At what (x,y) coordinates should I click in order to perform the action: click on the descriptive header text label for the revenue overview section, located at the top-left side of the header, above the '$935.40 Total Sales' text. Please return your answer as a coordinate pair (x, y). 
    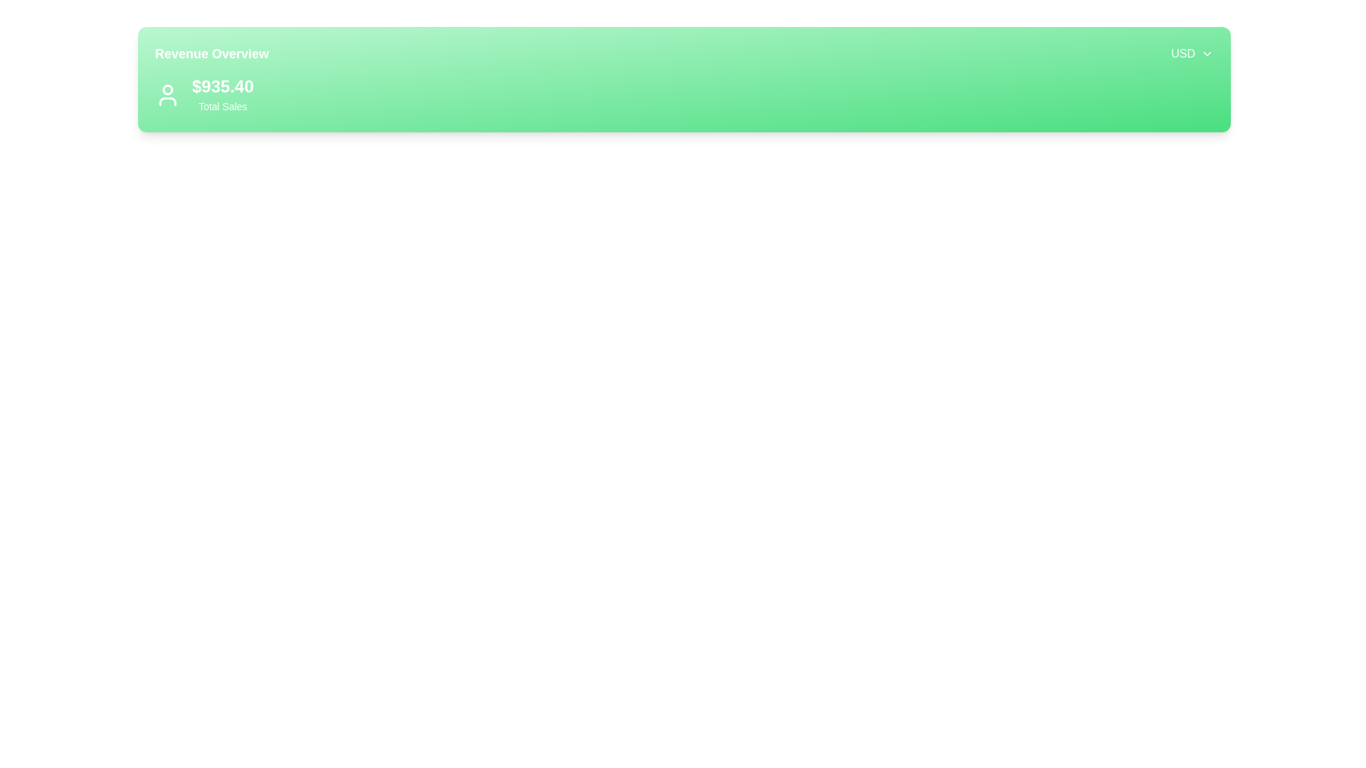
    Looking at the image, I should click on (211, 53).